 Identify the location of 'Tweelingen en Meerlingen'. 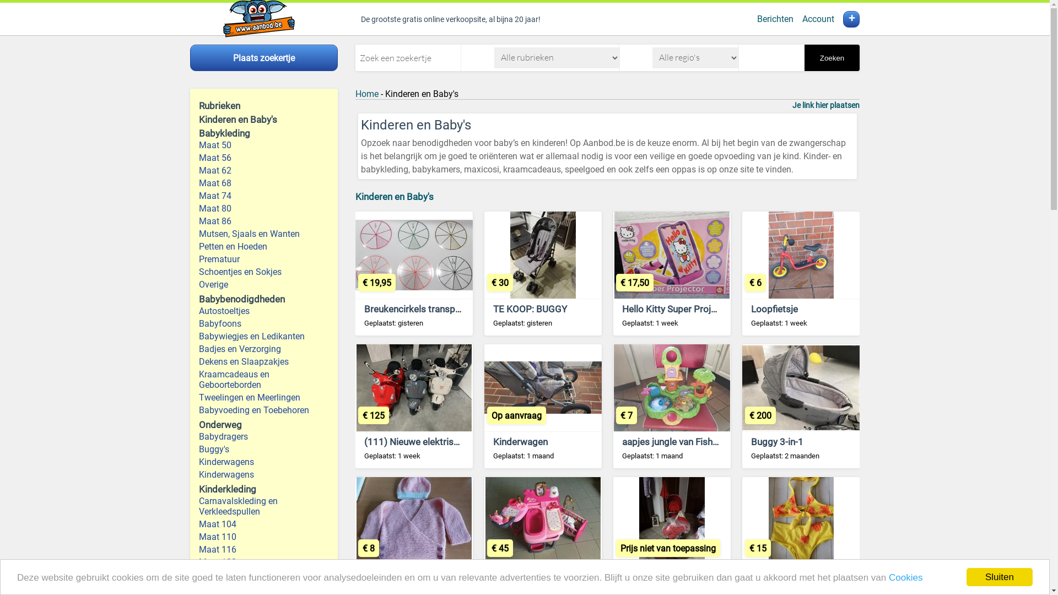
(263, 397).